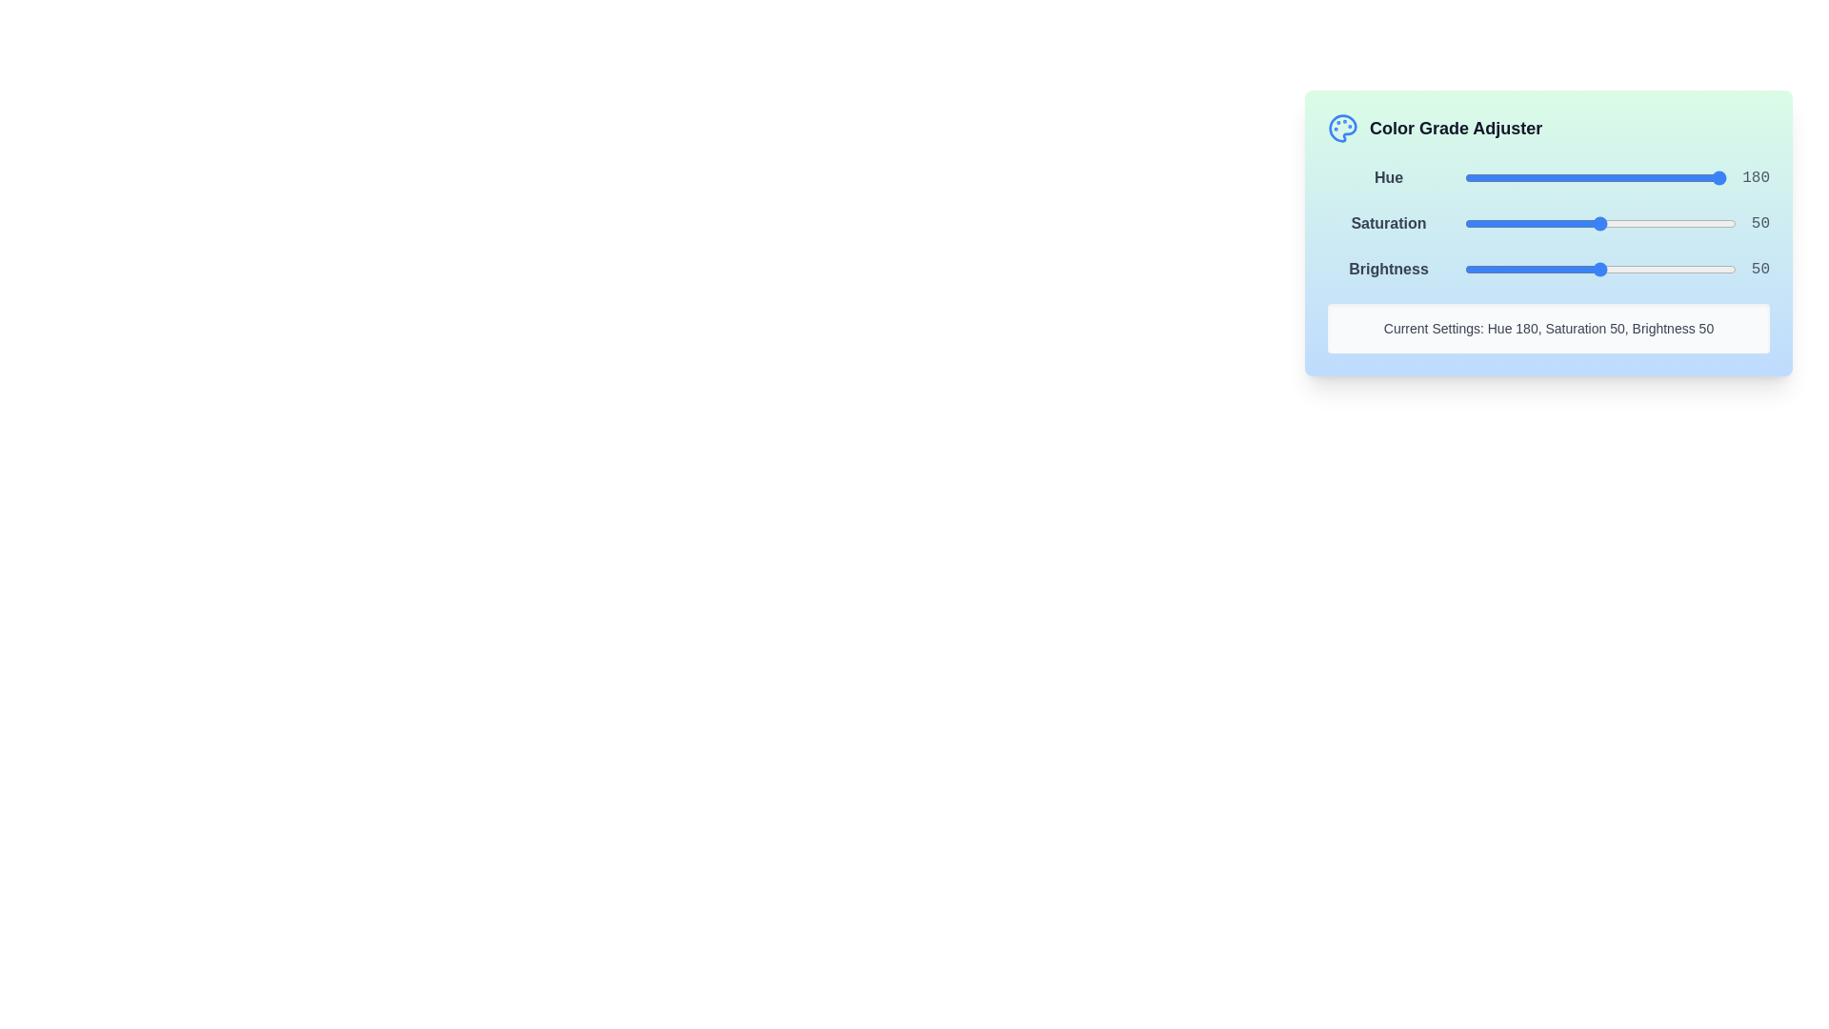 This screenshot has width=1829, height=1029. Describe the element at coordinates (1602, 269) in the screenshot. I see `the brightness slider to set the brightness to 51%` at that location.